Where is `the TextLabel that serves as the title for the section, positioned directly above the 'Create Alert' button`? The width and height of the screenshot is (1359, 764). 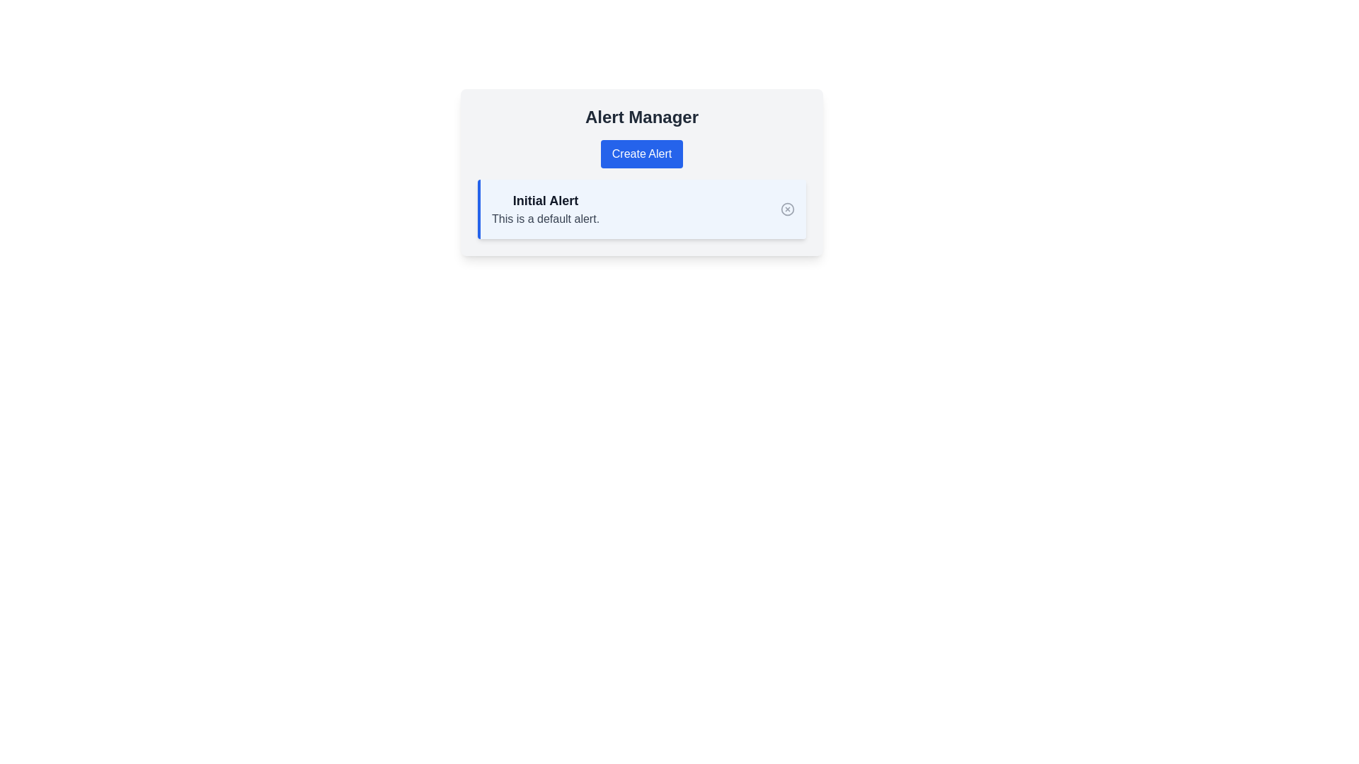
the TextLabel that serves as the title for the section, positioned directly above the 'Create Alert' button is located at coordinates (641, 116).